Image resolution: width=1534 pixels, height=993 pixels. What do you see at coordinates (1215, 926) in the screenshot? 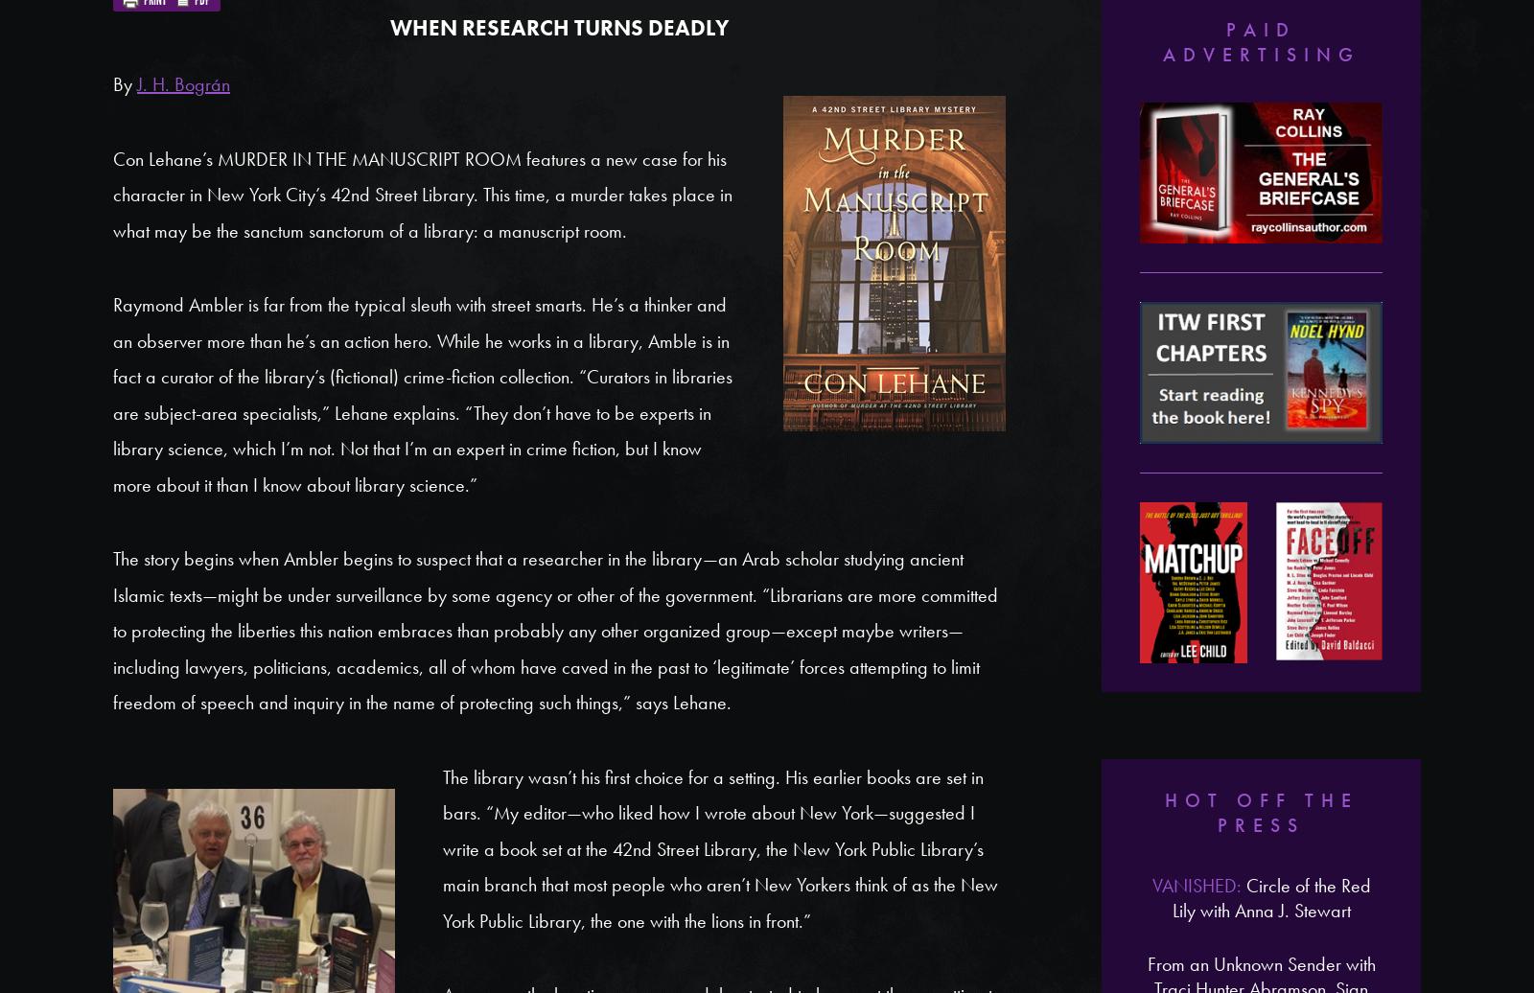
I see `'Nita Prose'` at bounding box center [1215, 926].